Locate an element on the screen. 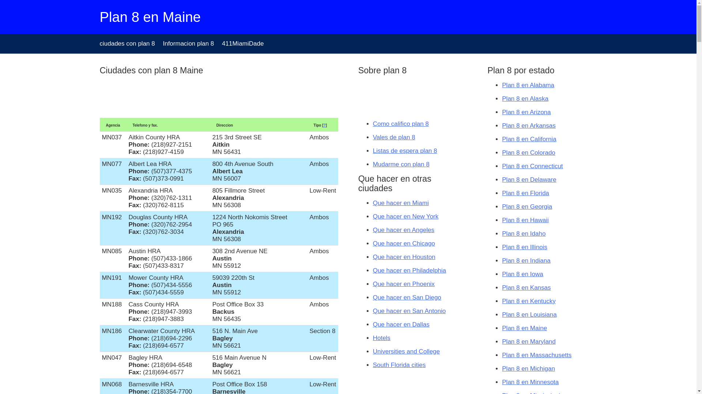 The width and height of the screenshot is (702, 394). 'Plan 8 en Alaska' is located at coordinates (501, 98).